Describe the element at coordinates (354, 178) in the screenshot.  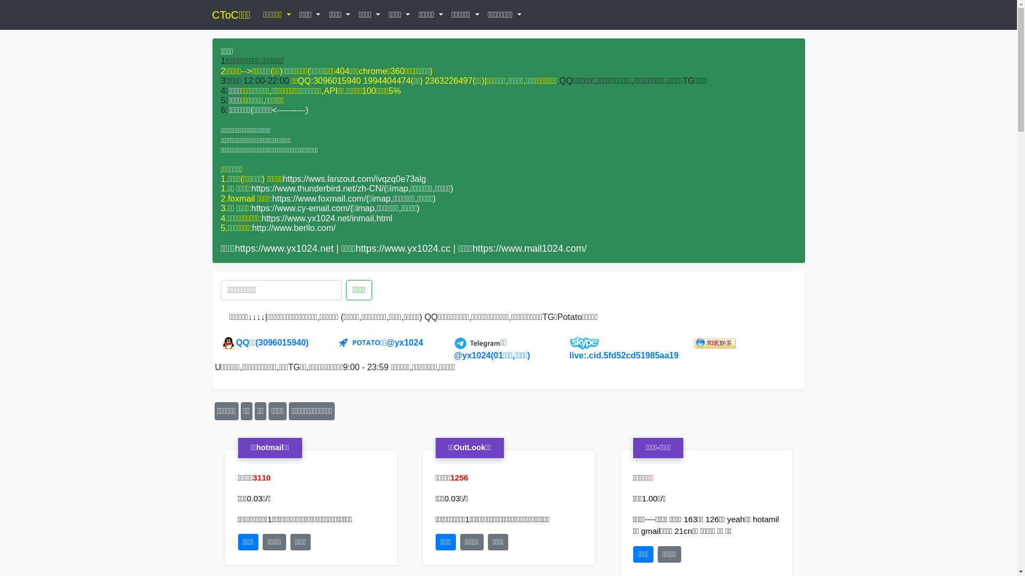
I see `'https://wws.lanzout.com/ivqzq0e73alg'` at that location.